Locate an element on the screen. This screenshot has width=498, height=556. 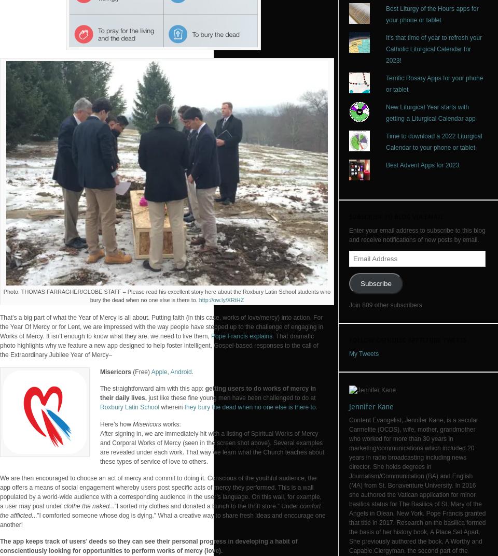
'Enter your email address to subscribe to this blog and receive notifications of new posts by email.' is located at coordinates (349, 235).